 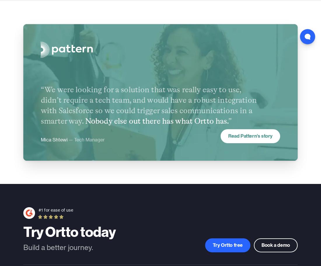 I want to click on 'Nobody else out there has what Ortto has.', so click(x=156, y=121).